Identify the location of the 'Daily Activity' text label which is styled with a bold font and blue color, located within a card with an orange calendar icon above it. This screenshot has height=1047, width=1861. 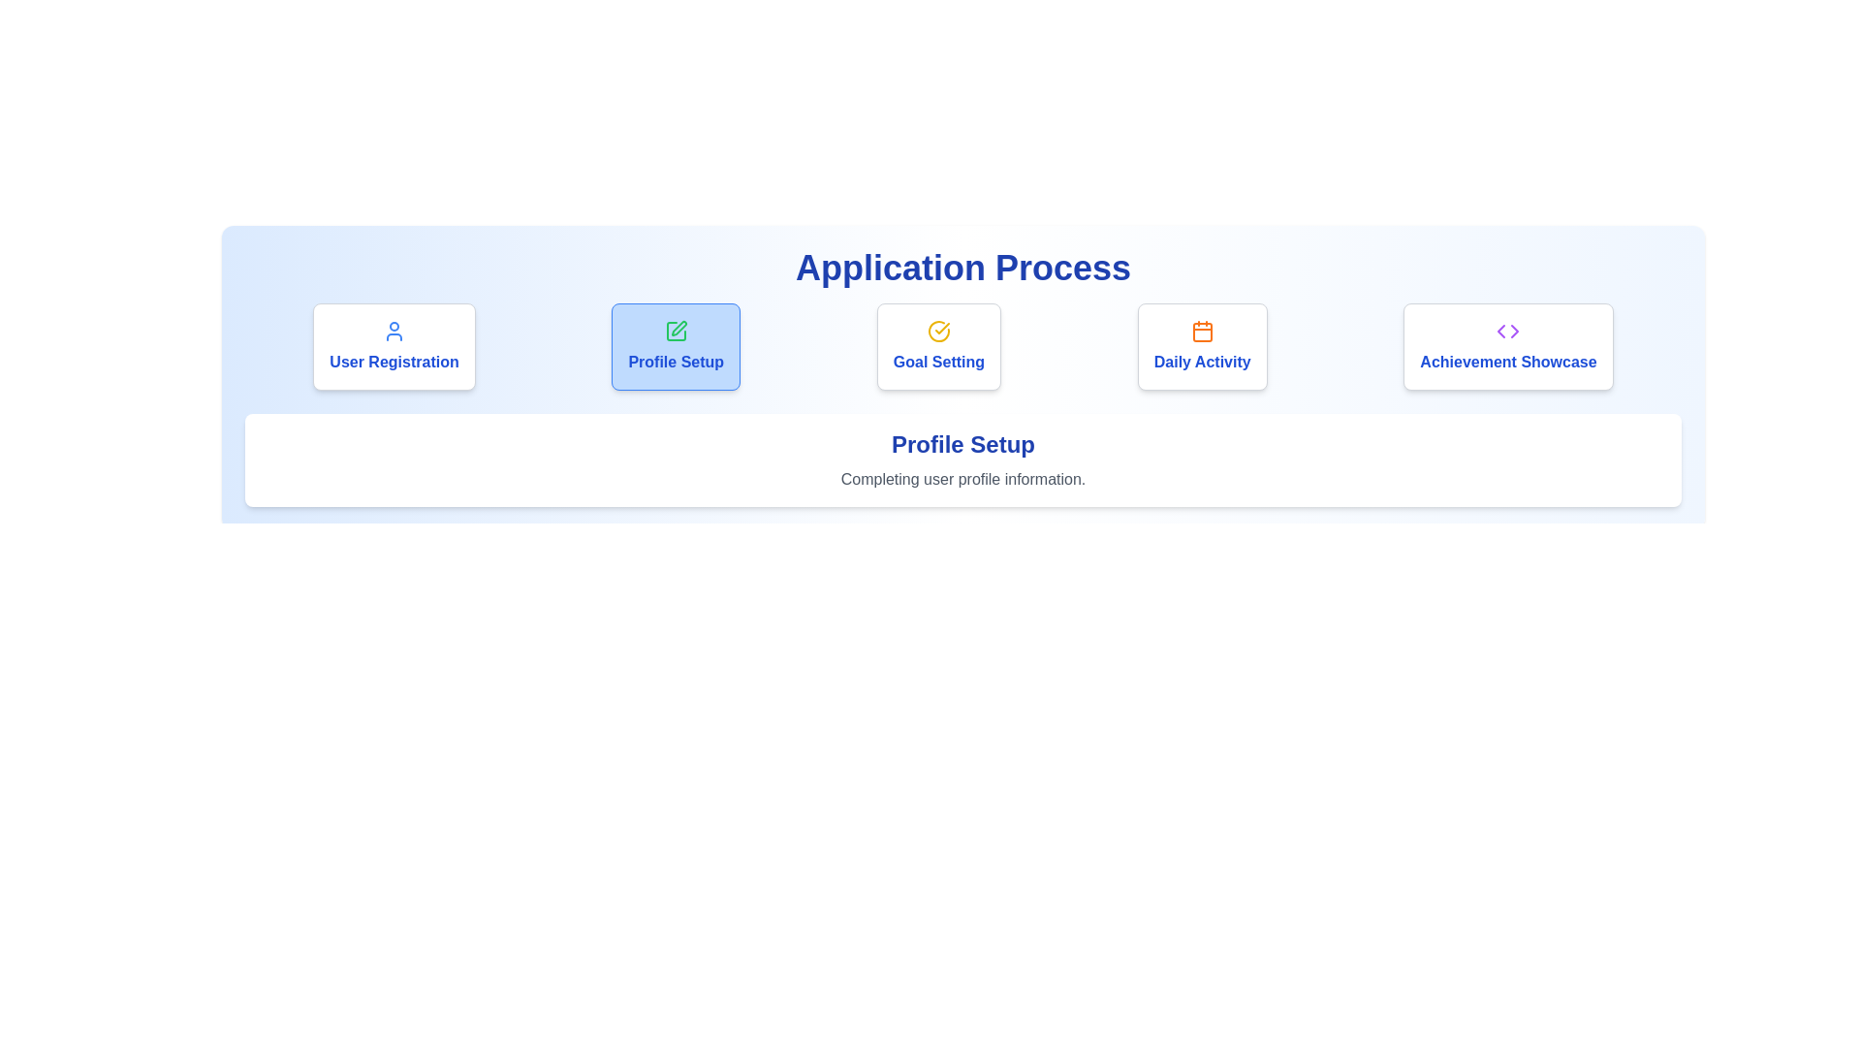
(1201, 363).